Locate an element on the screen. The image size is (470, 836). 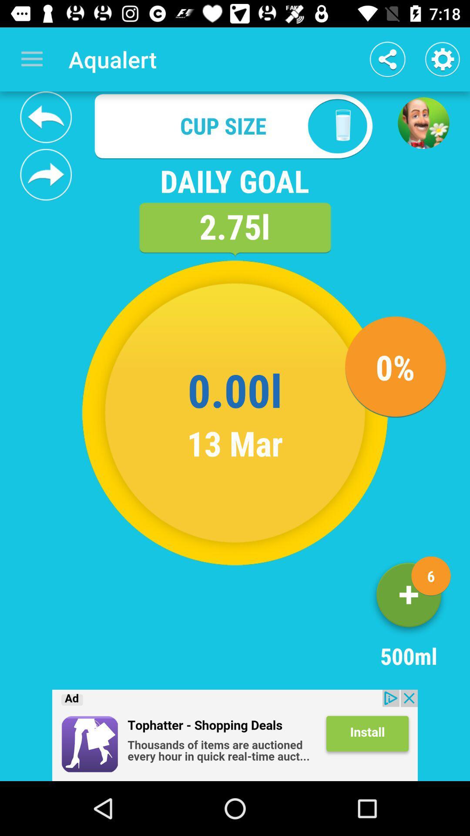
go back is located at coordinates (235, 735).